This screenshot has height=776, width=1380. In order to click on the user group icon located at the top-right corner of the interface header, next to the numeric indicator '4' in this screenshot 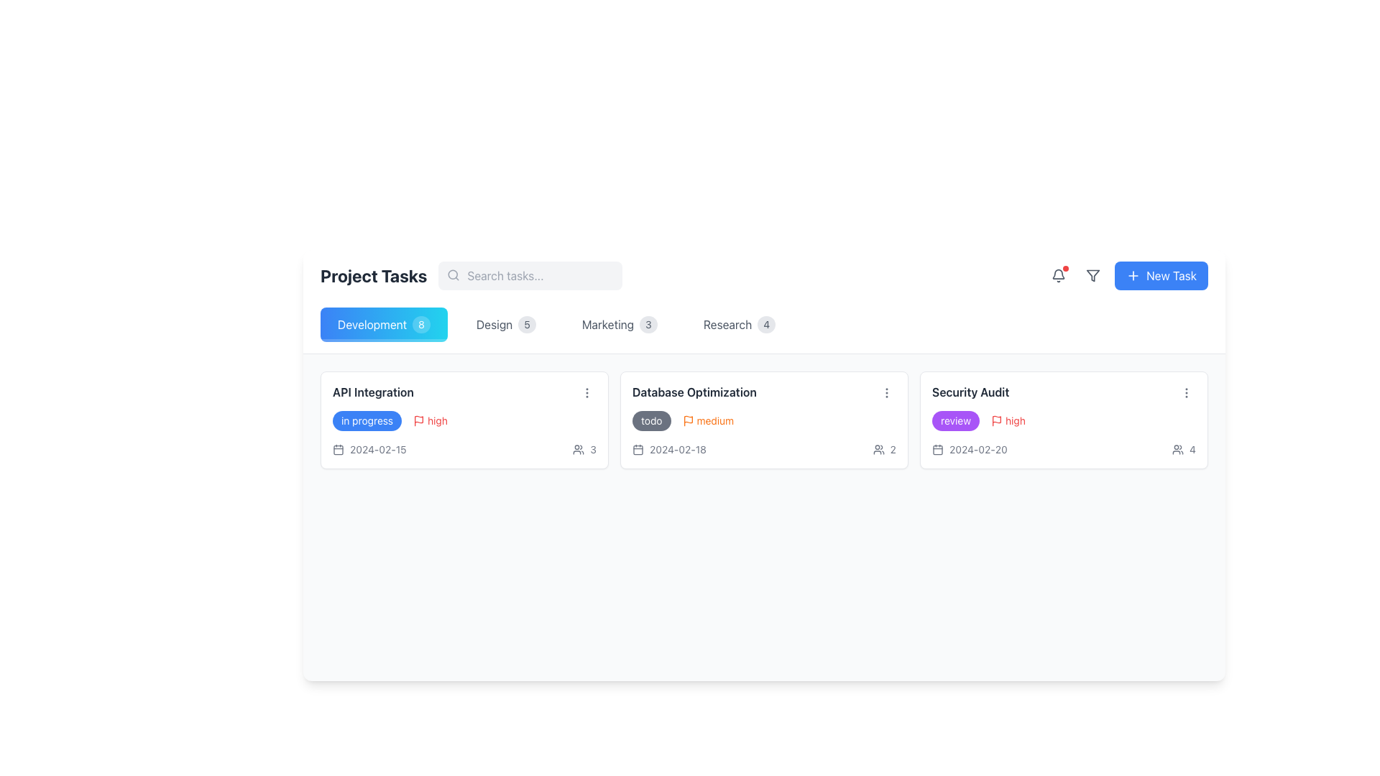, I will do `click(1178, 448)`.